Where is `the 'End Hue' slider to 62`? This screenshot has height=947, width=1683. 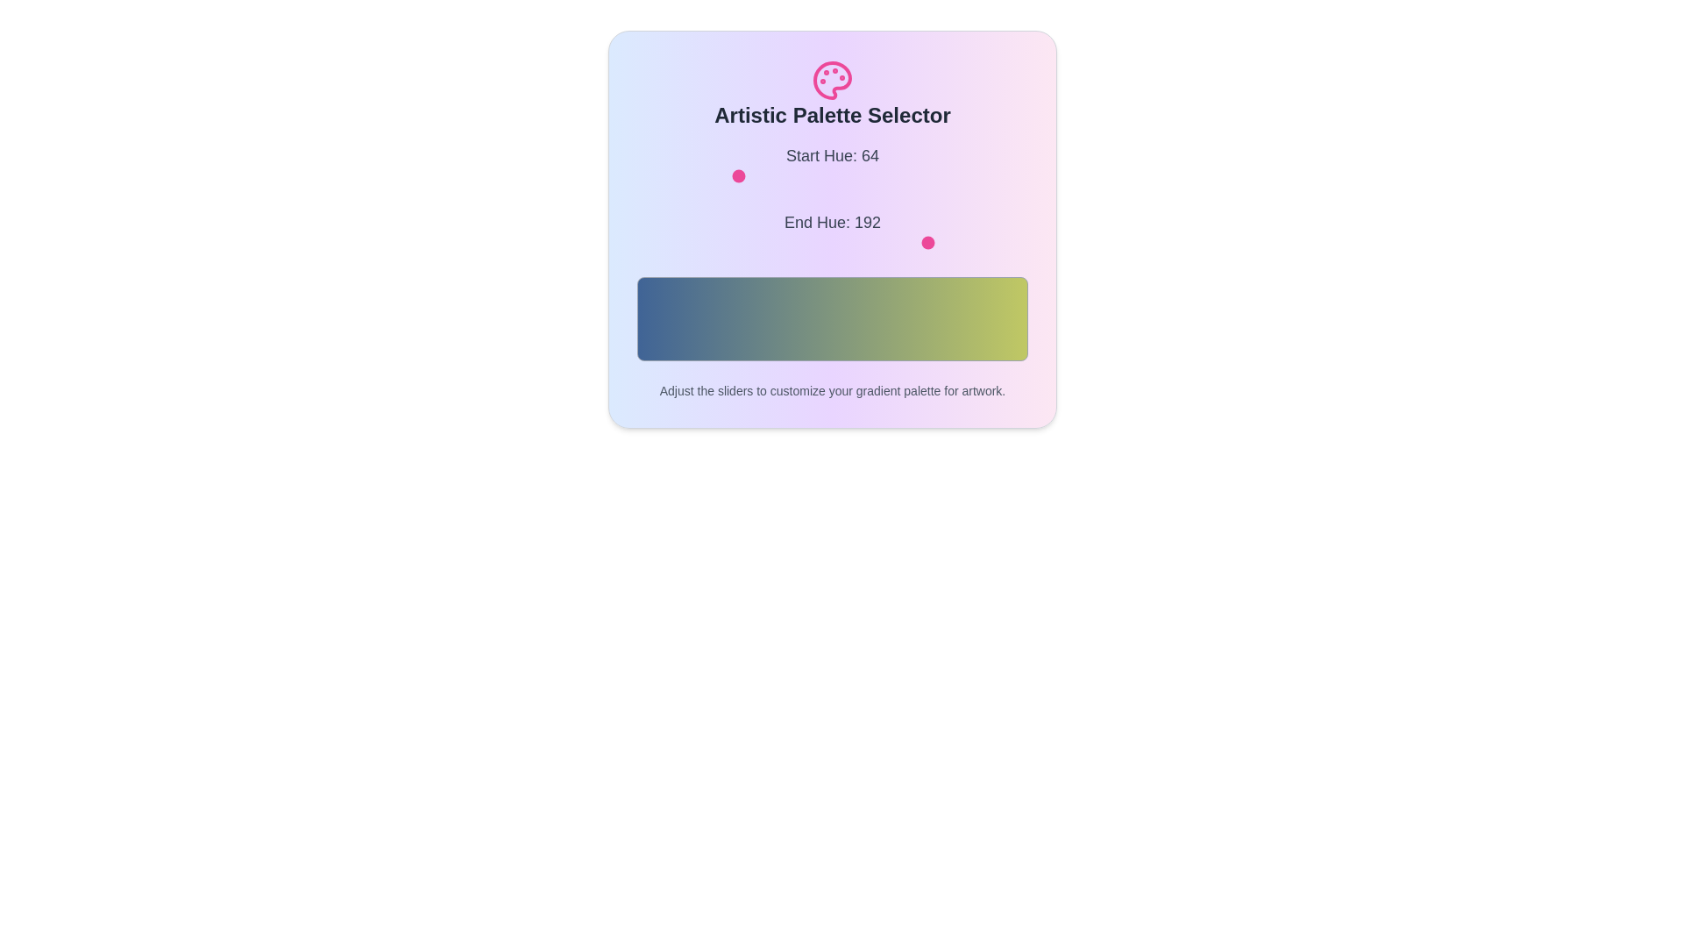
the 'End Hue' slider to 62 is located at coordinates (732, 243).